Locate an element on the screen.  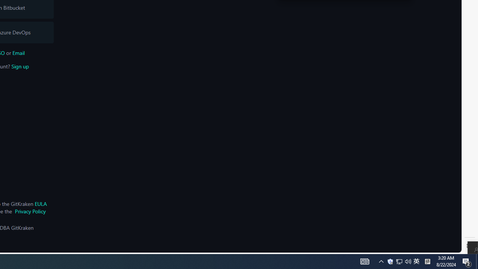
'Q2790: 100%' is located at coordinates (408, 261).